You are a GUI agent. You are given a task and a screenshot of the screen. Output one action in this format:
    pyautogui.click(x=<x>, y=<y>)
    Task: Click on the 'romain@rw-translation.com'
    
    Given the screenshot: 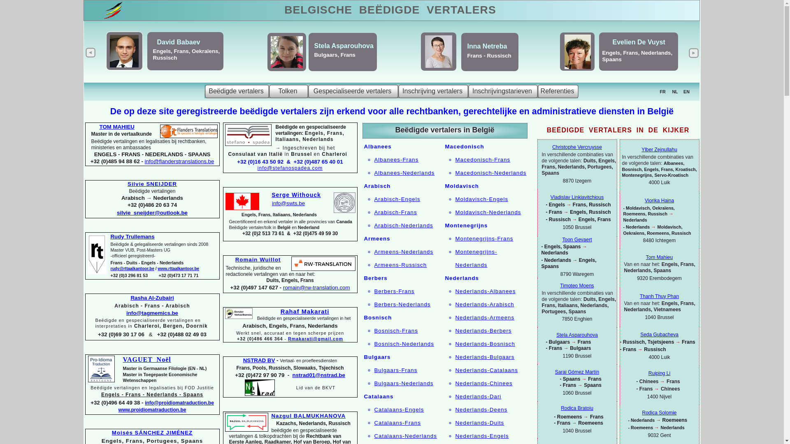 What is the action you would take?
    pyautogui.click(x=283, y=287)
    